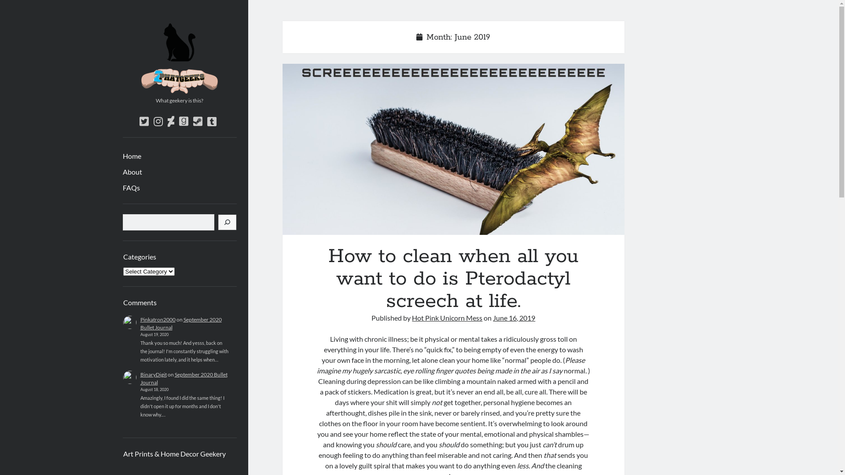 The image size is (845, 475). I want to click on 'September 2020 Bullet Journal', so click(183, 378).